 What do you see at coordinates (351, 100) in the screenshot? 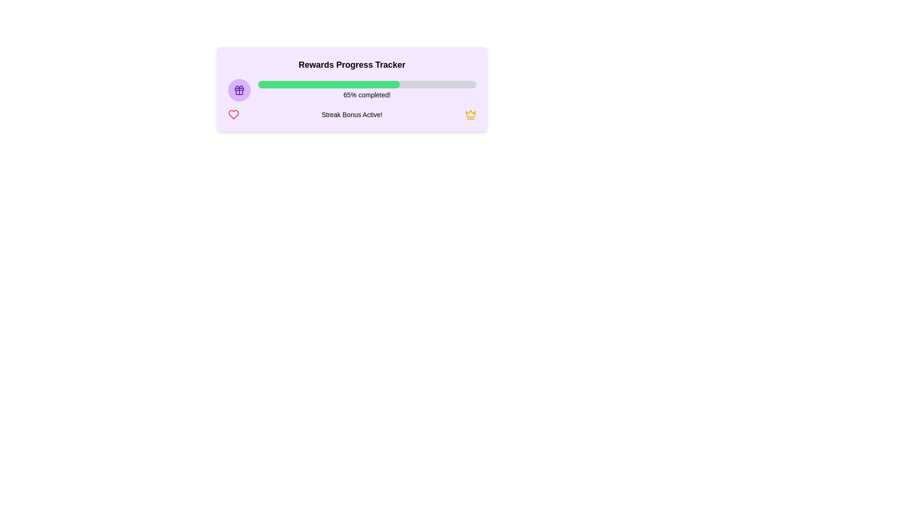
I see `the Informative progress tracker section that displays '65% completed!' and 'Streak Bonus Active!' with a green progress bar, purple gift icon on the left, and golden crown icon on the right` at bounding box center [351, 100].